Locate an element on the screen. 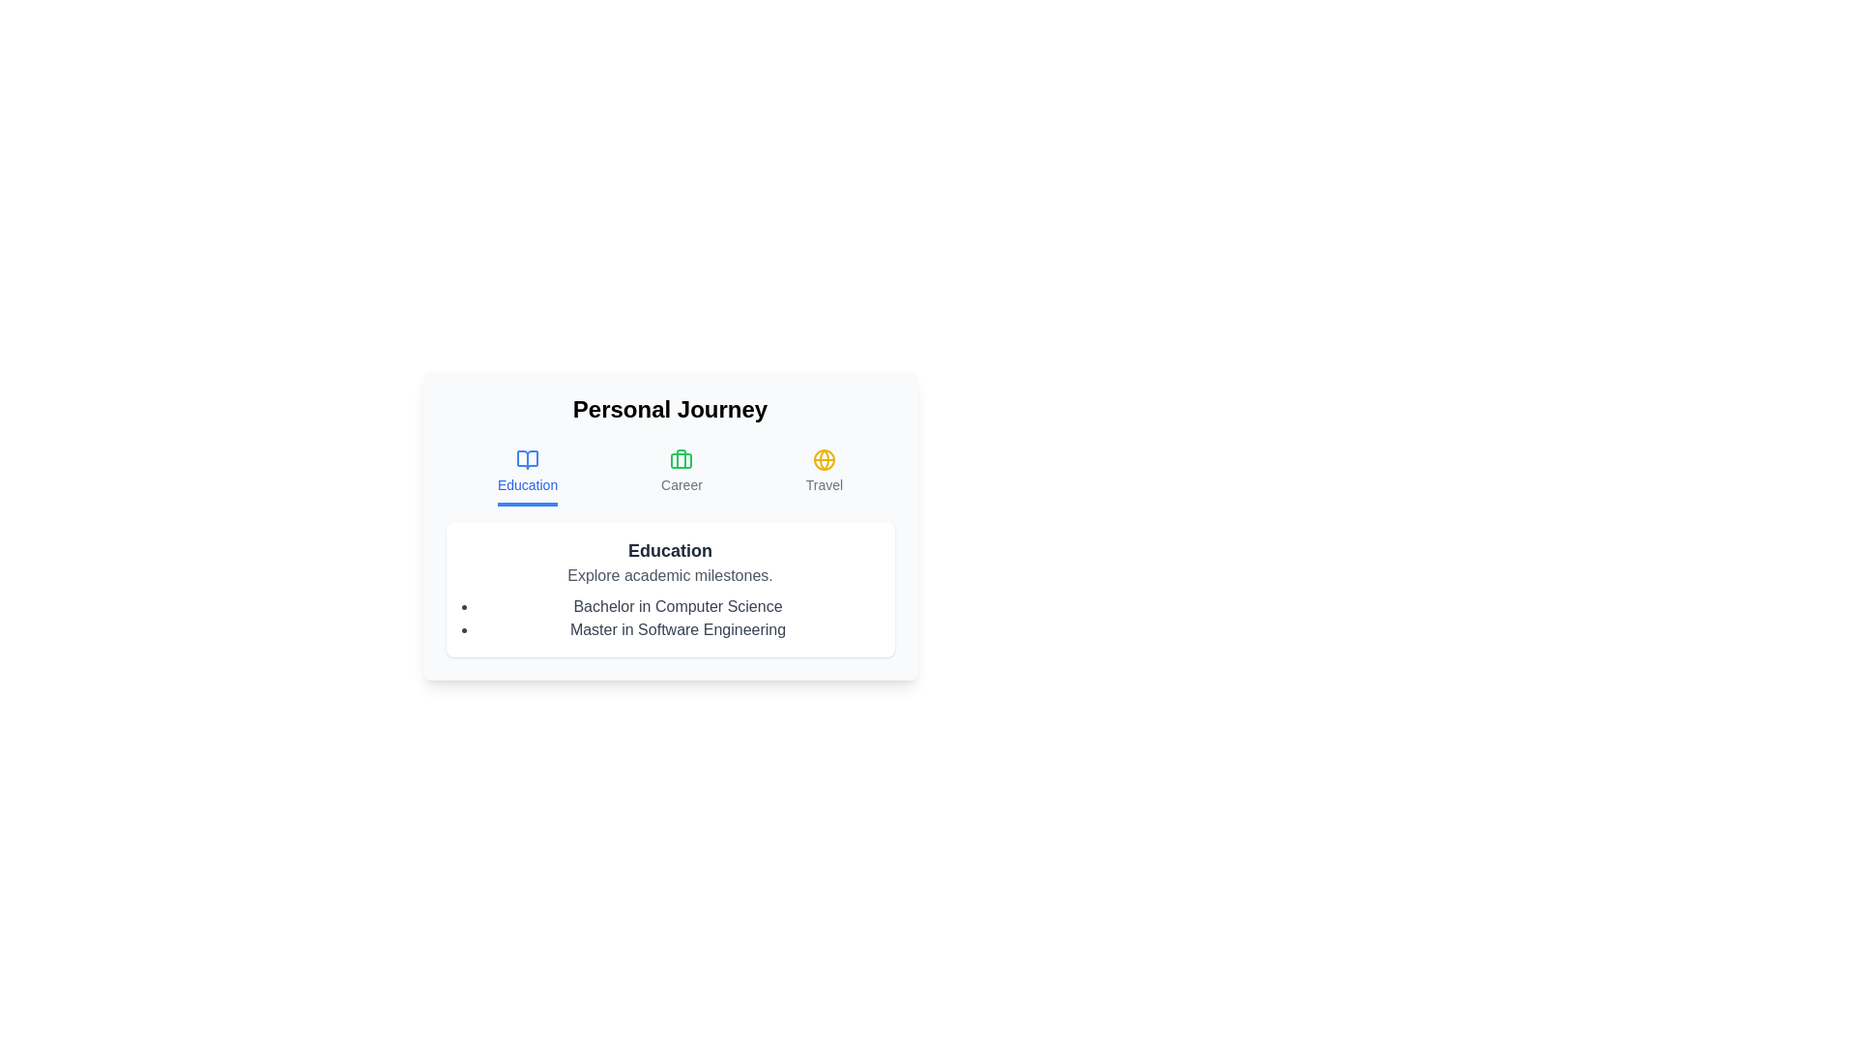  the descriptive text element located directly below the 'Education' header, which introduces the educational milestones is located at coordinates (670, 575).